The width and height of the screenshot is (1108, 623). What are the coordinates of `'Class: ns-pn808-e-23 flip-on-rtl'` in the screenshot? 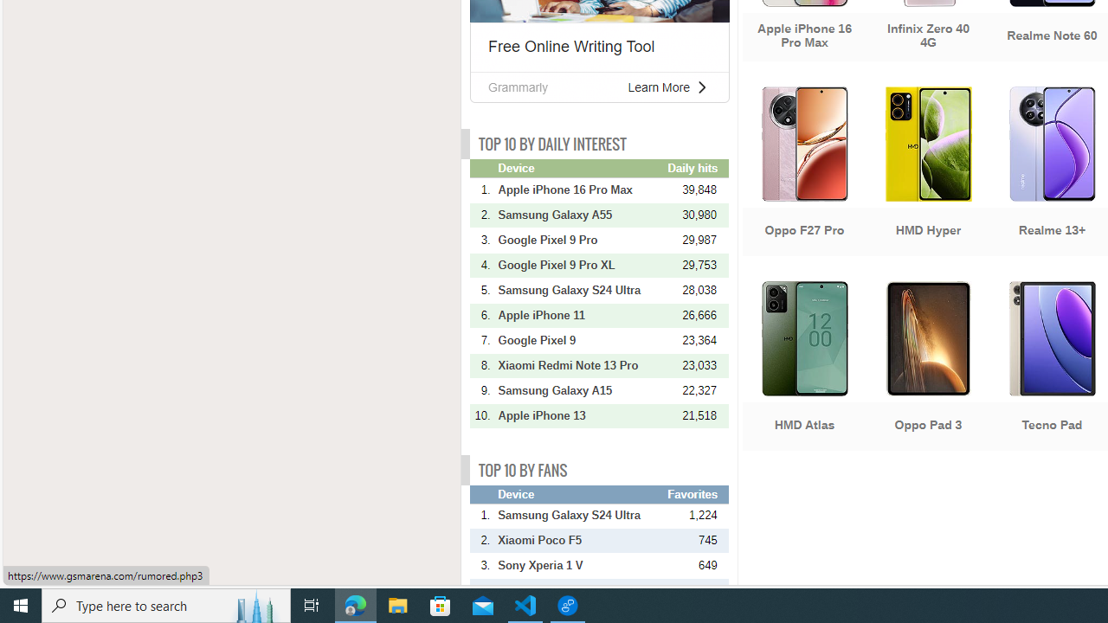 It's located at (701, 87).